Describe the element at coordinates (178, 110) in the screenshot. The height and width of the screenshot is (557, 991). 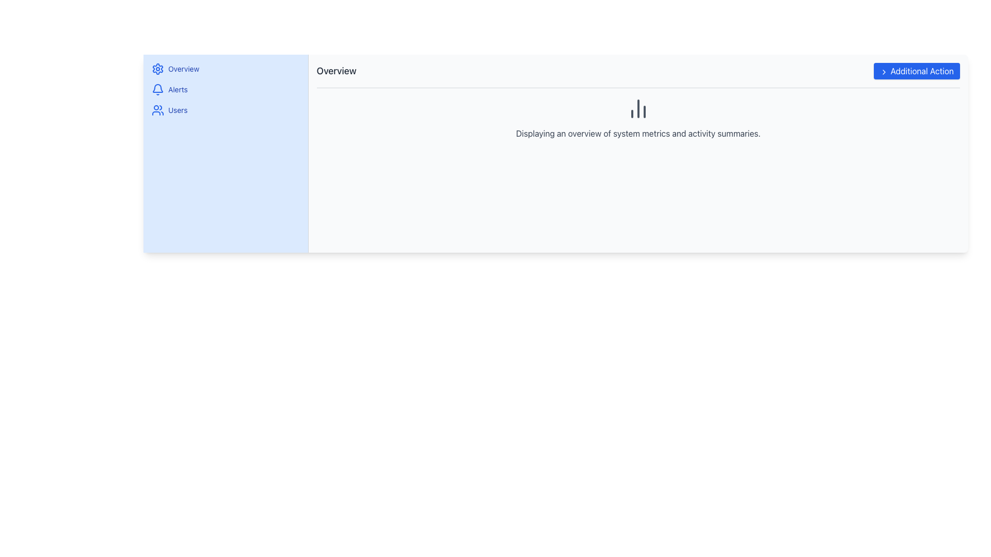
I see `the 'Users' text label in the left-hand sidebar menu` at that location.